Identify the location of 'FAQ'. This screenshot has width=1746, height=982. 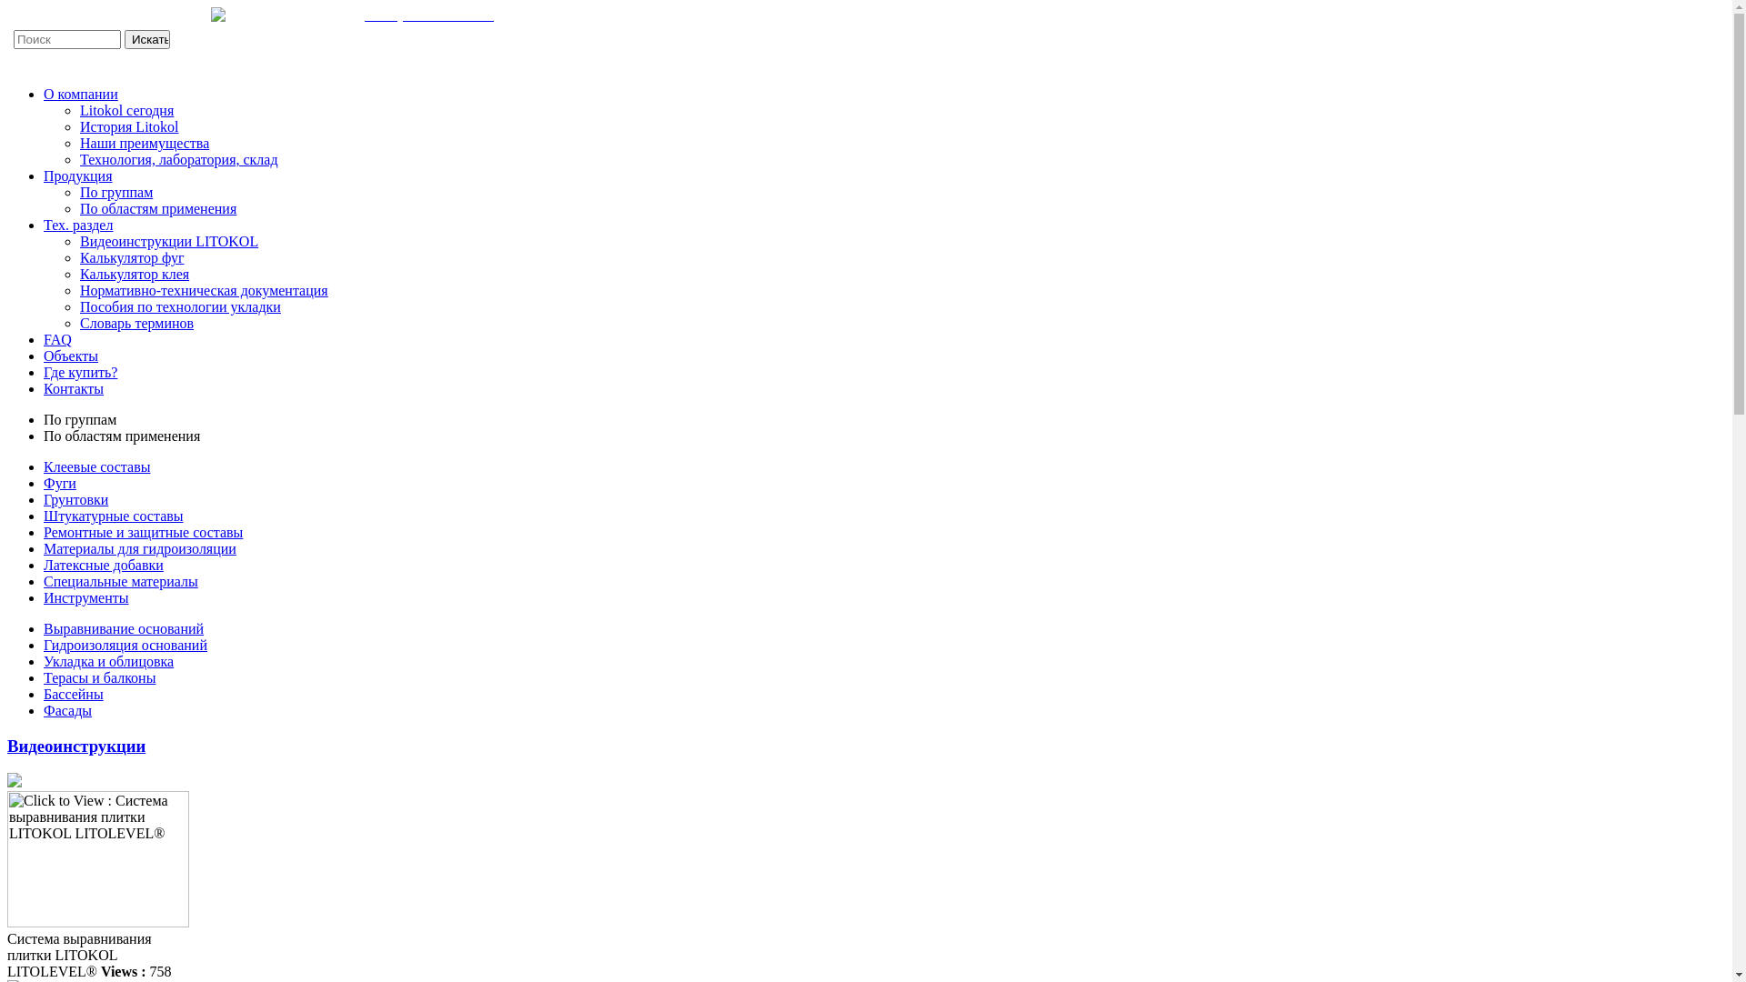
(44, 339).